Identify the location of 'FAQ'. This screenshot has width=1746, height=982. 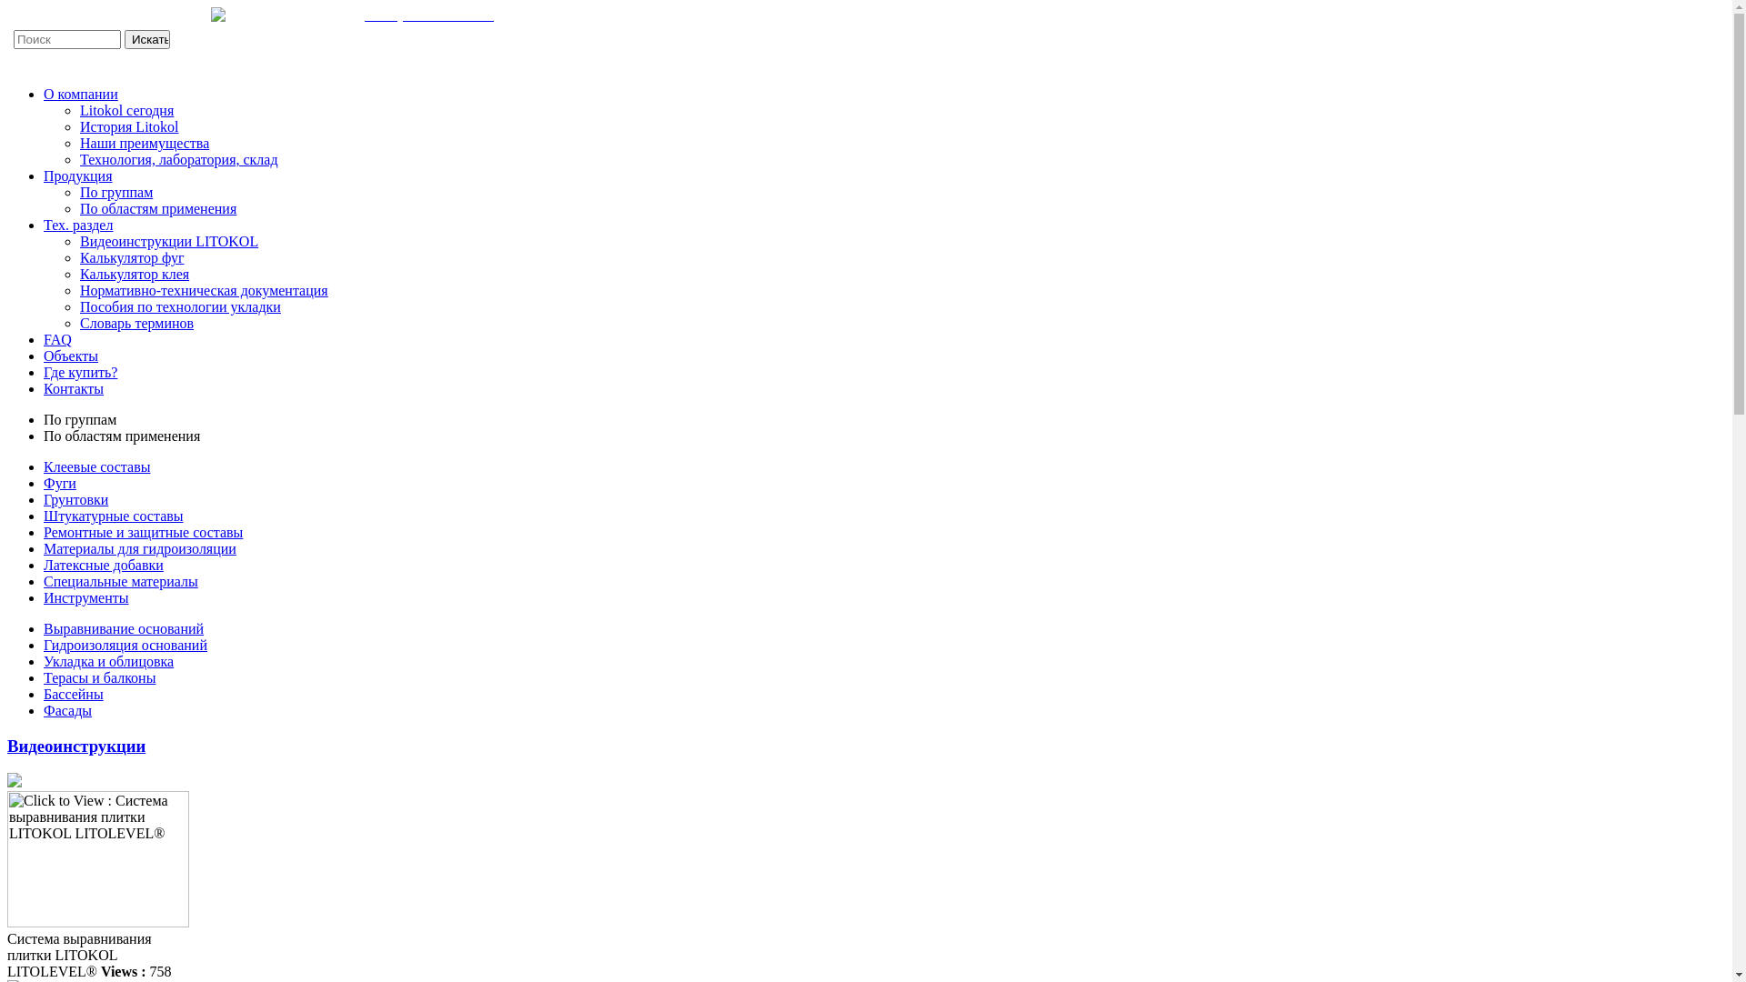
(44, 339).